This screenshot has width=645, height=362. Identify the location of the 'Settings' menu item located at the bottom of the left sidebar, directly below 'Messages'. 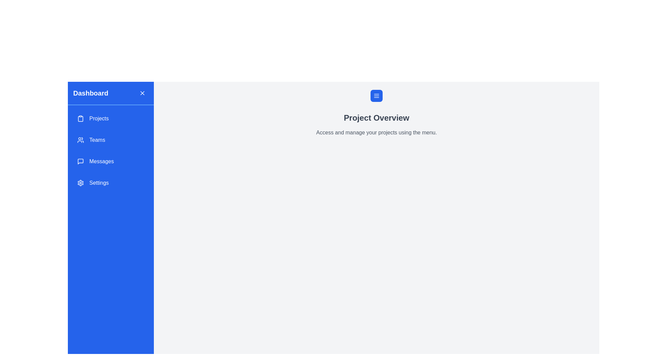
(111, 183).